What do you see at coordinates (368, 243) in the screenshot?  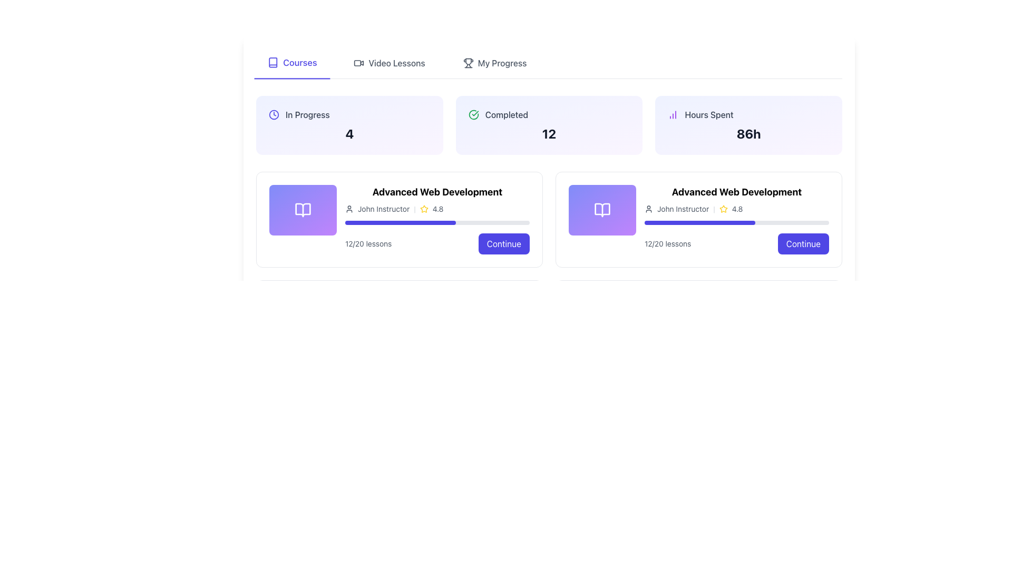 I see `the text display element that shows '12/20 lessons', which is styled in a small, gray sans-serif font, located below the course title in the 'Advanced Web Development' section` at bounding box center [368, 243].